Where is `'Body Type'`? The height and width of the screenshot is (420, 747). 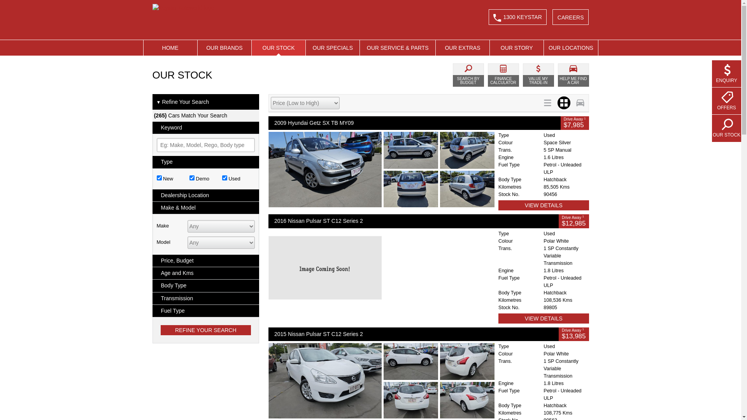 'Body Type' is located at coordinates (153, 285).